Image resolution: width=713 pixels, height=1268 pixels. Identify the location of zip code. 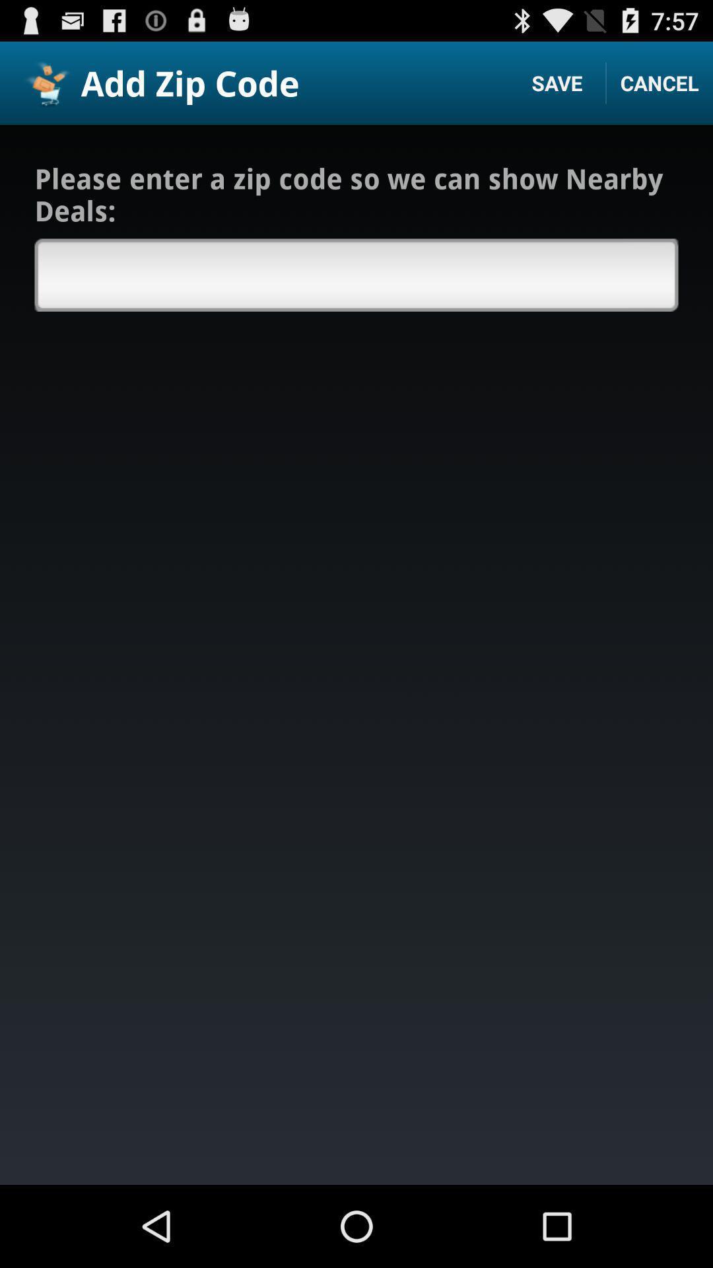
(356, 274).